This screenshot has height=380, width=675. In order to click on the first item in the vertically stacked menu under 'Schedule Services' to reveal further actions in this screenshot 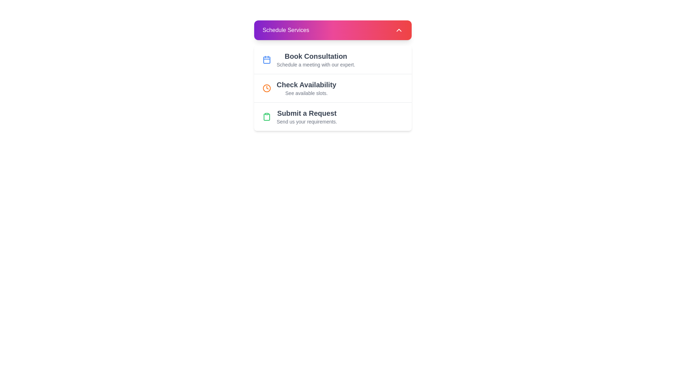, I will do `click(332, 59)`.